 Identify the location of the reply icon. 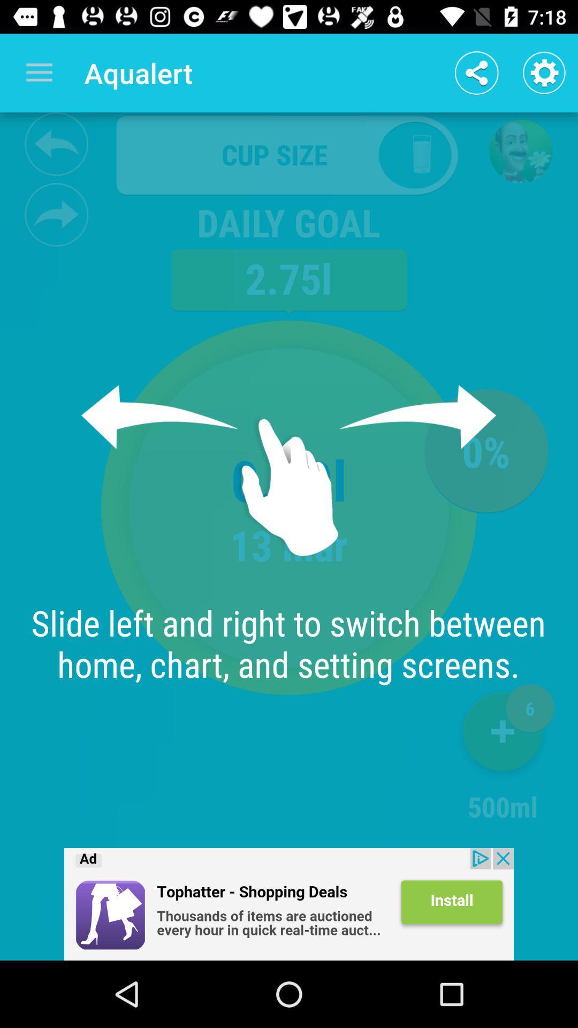
(56, 143).